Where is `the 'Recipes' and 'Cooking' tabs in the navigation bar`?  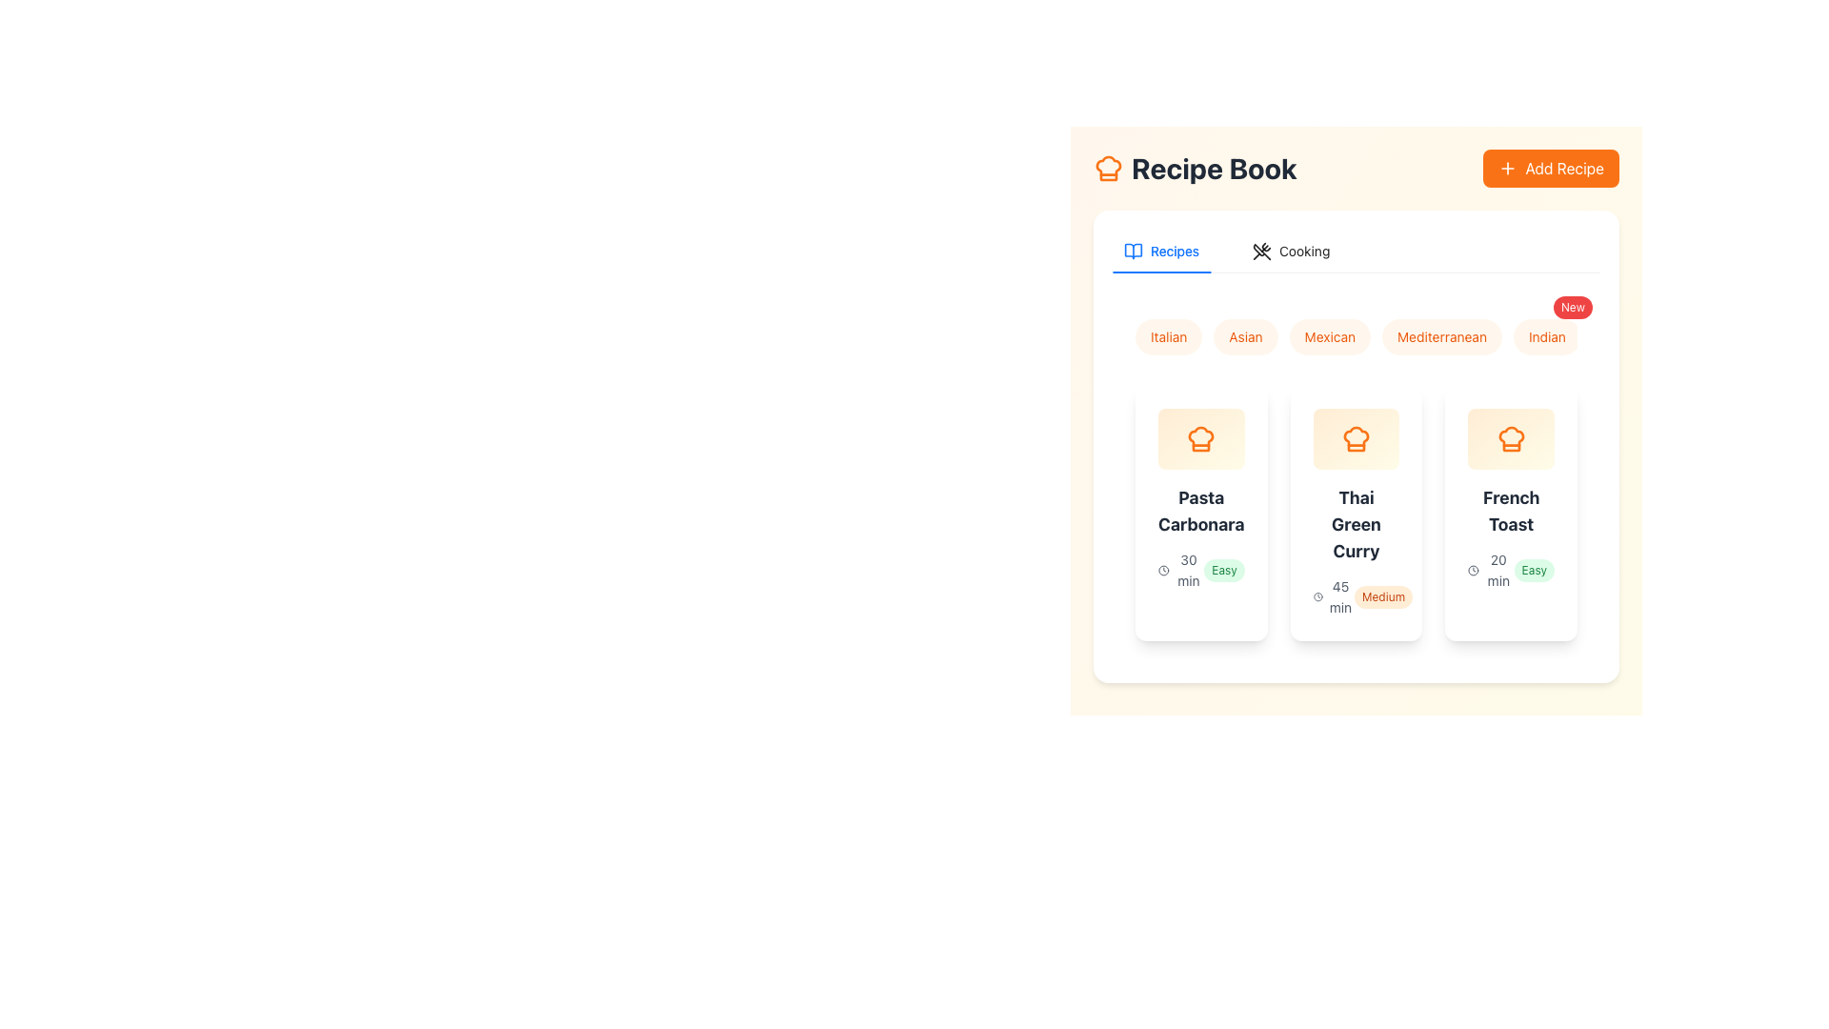 the 'Recipes' and 'Cooking' tabs in the navigation bar is located at coordinates (1356, 250).